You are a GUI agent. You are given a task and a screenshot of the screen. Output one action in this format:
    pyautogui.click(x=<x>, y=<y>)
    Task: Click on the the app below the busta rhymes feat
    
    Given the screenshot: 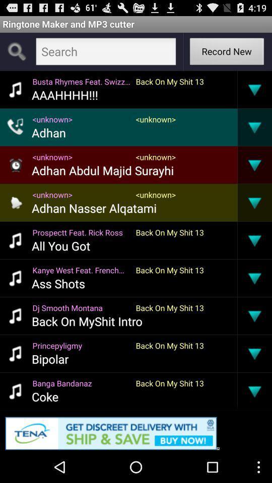 What is the action you would take?
    pyautogui.click(x=64, y=95)
    